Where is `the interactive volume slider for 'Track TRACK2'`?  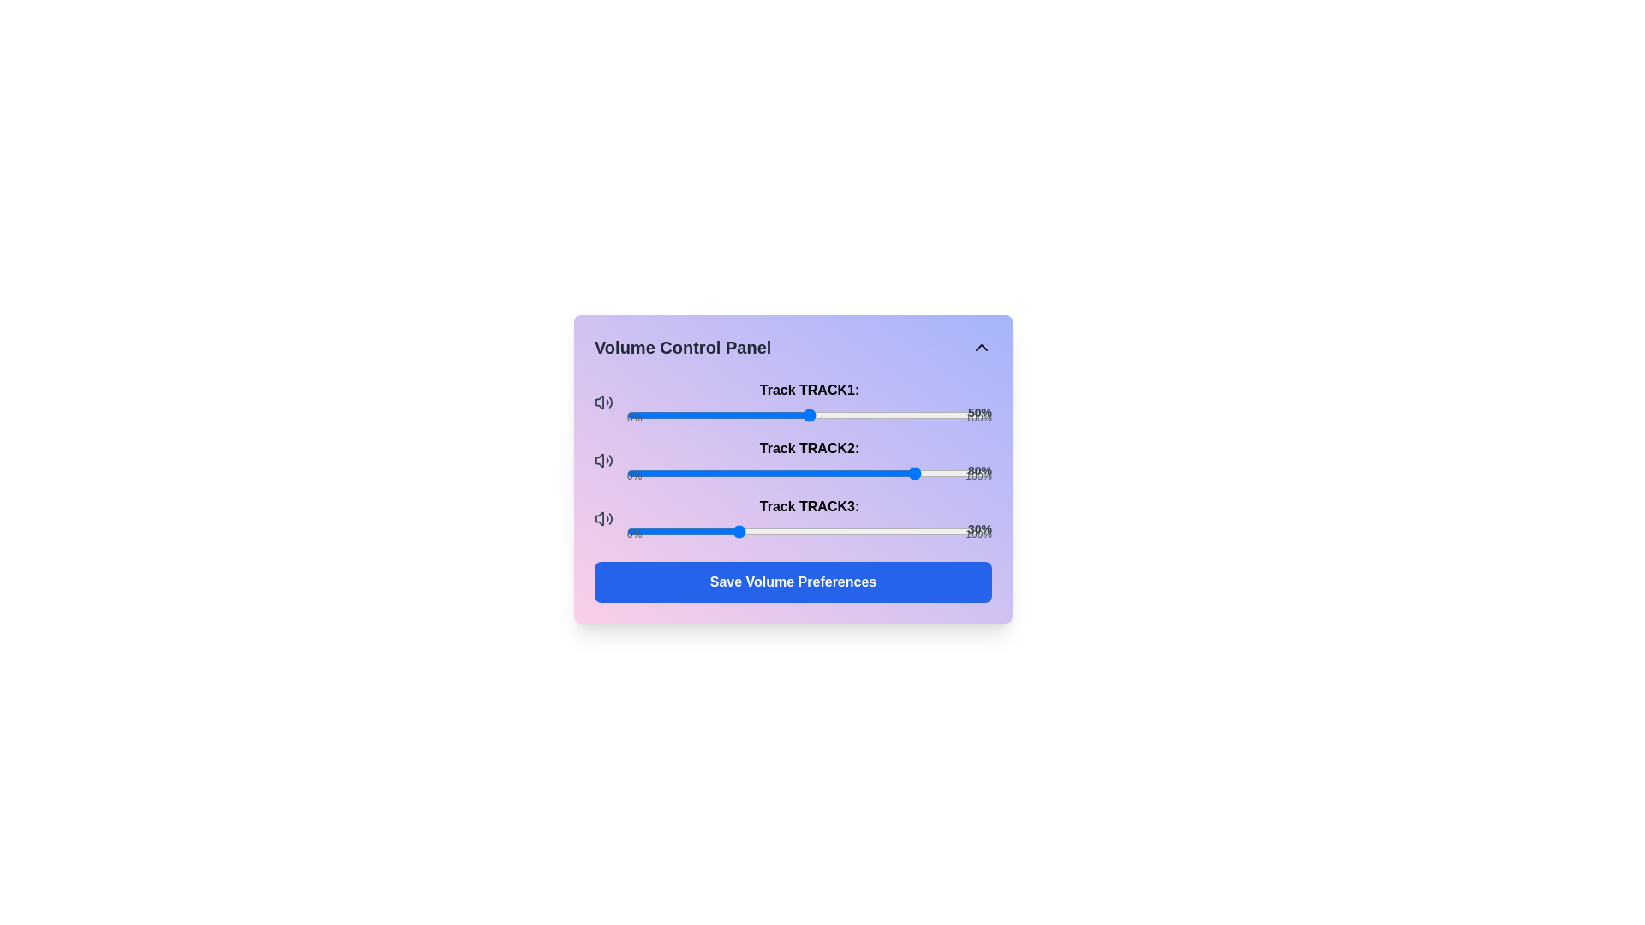 the interactive volume slider for 'Track TRACK2' is located at coordinates (793, 459).